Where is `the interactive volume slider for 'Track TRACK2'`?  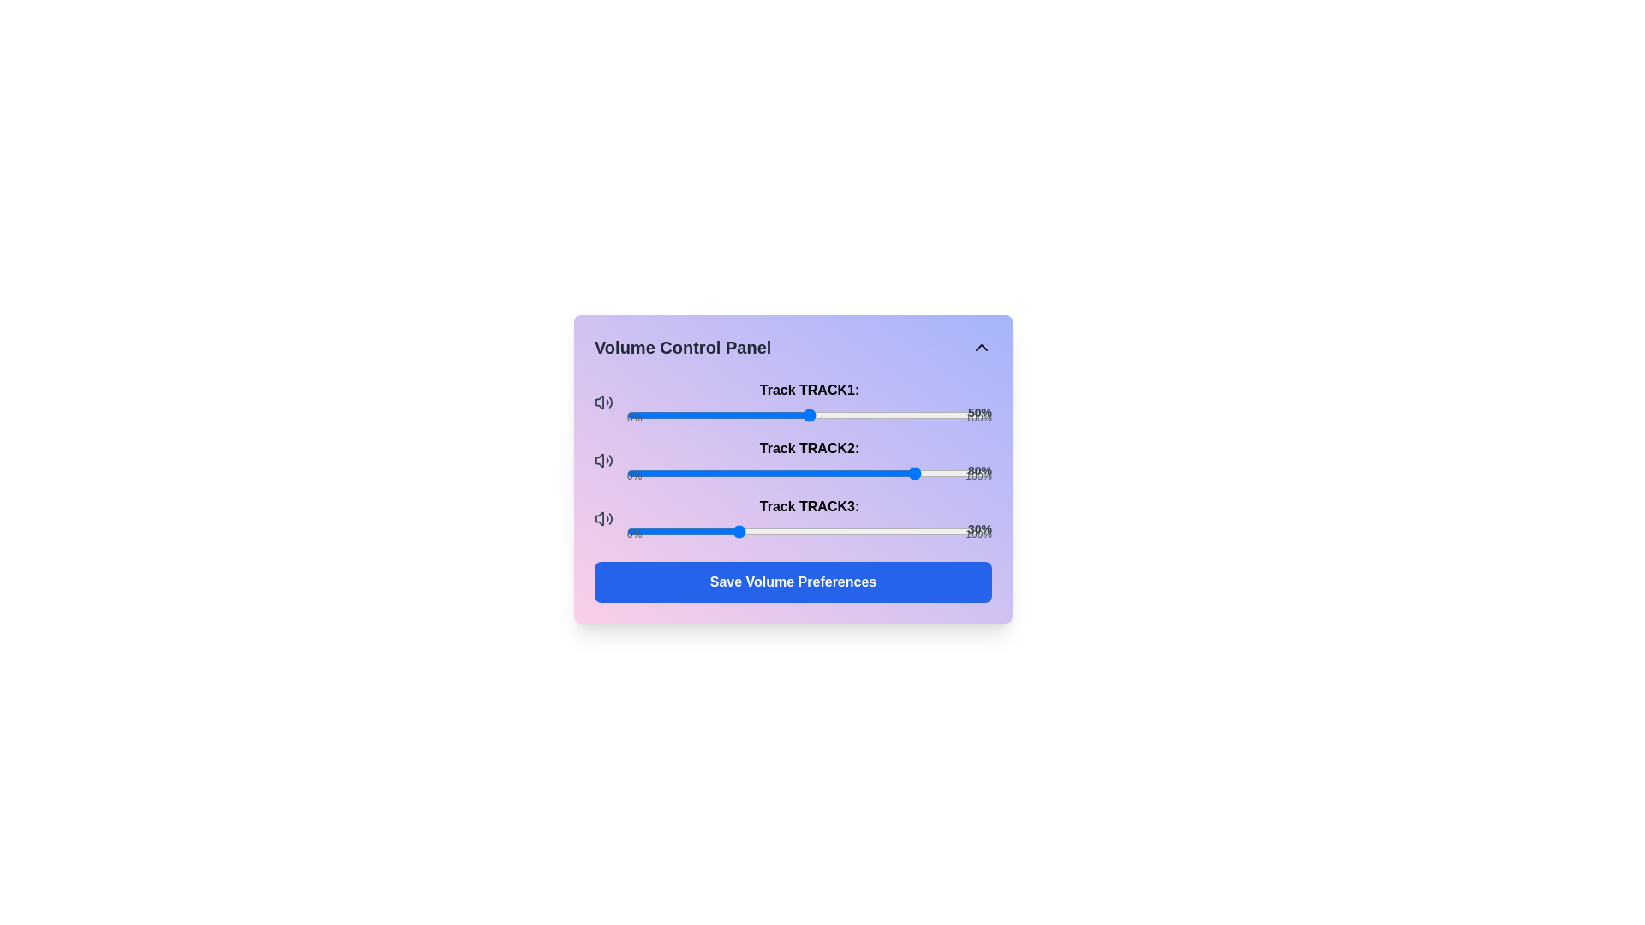 the interactive volume slider for 'Track TRACK2' is located at coordinates (793, 459).